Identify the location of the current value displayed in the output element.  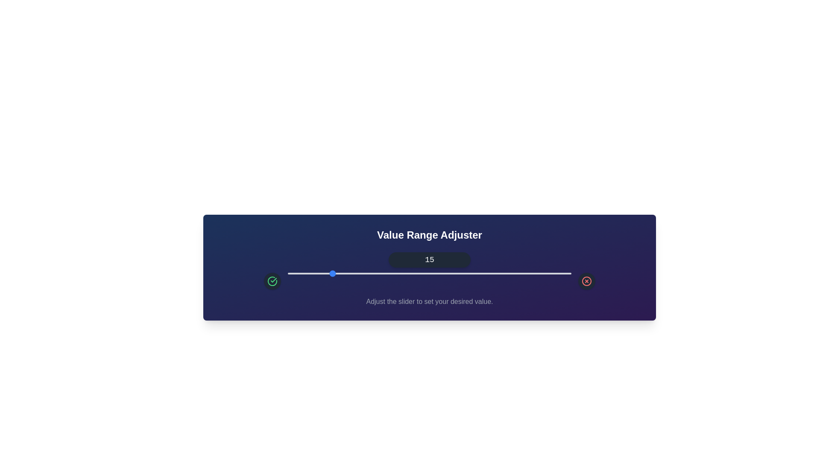
(430, 260).